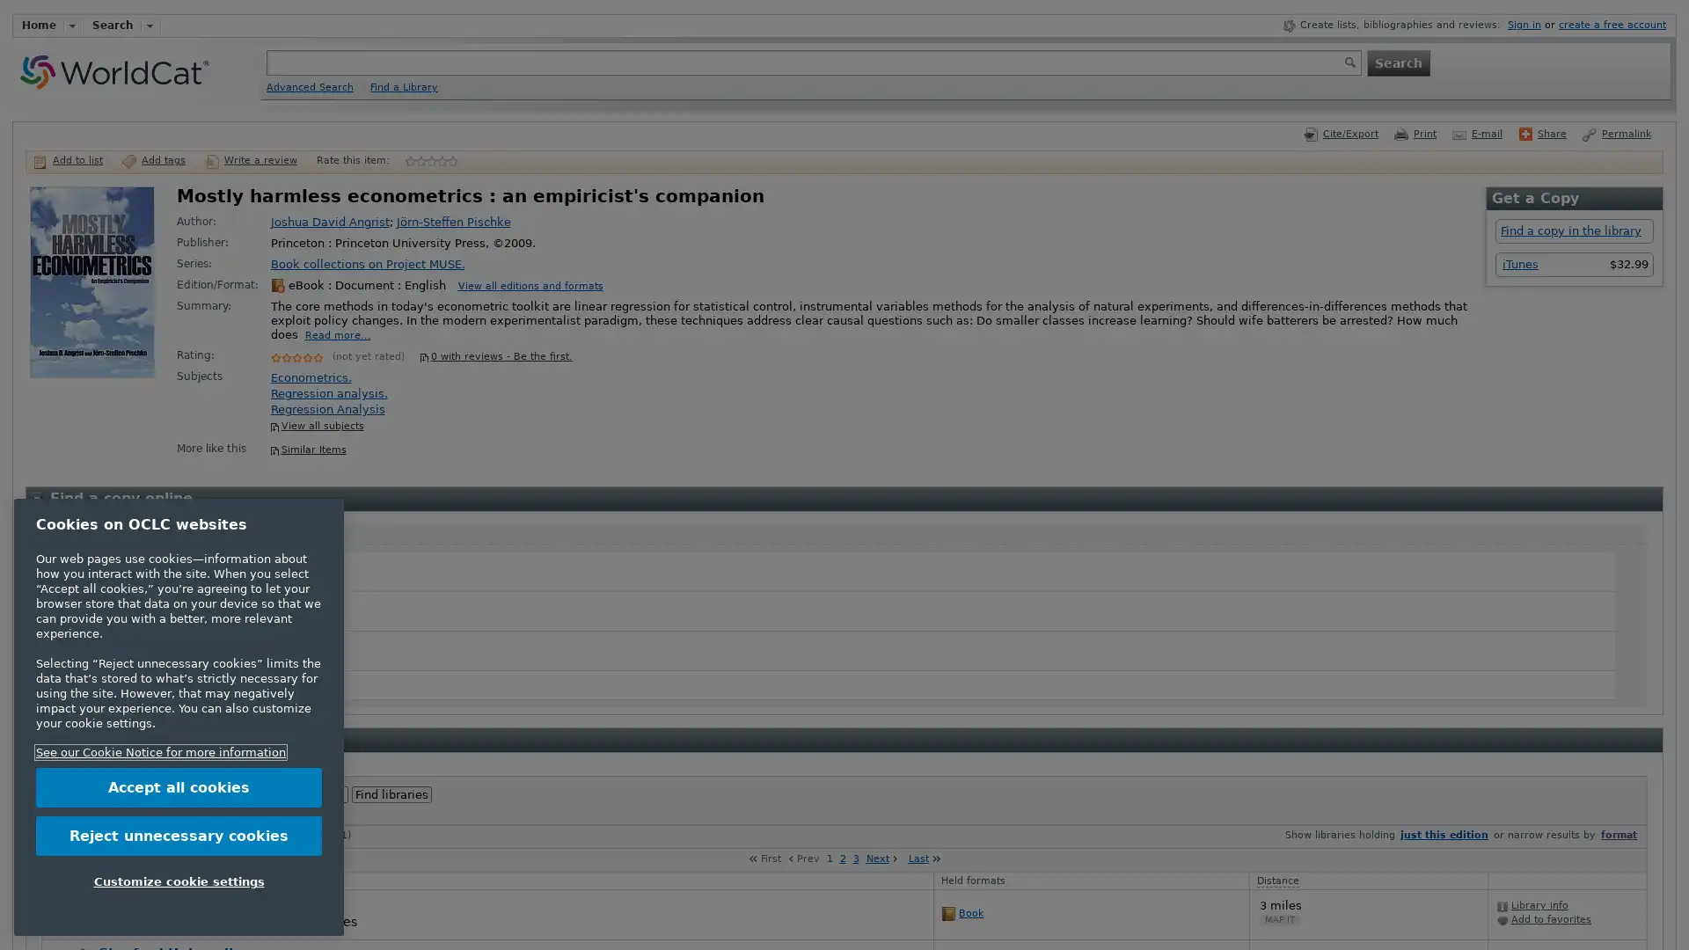 Image resolution: width=1689 pixels, height=950 pixels. What do you see at coordinates (391, 794) in the screenshot?
I see `Find libraries` at bounding box center [391, 794].